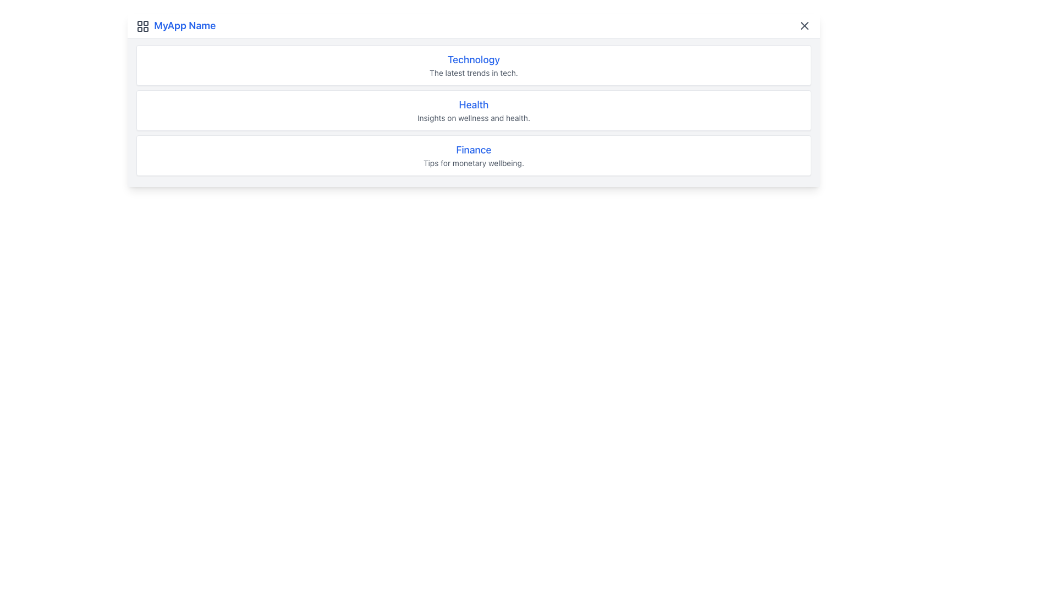 Image resolution: width=1056 pixels, height=594 pixels. I want to click on the header text label at the top-left corner of the interface, so click(176, 25).